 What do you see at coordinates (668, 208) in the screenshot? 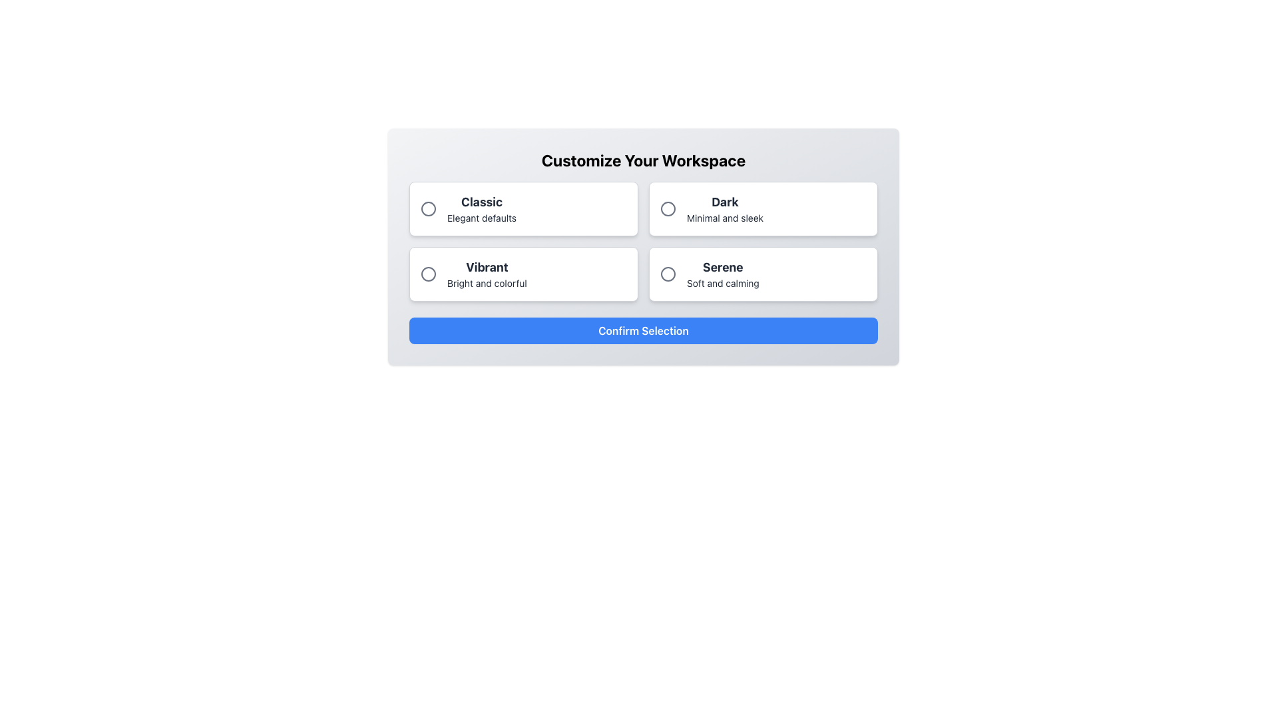
I see `the circular radio button on the left side of the 'Dark' workspace option` at bounding box center [668, 208].